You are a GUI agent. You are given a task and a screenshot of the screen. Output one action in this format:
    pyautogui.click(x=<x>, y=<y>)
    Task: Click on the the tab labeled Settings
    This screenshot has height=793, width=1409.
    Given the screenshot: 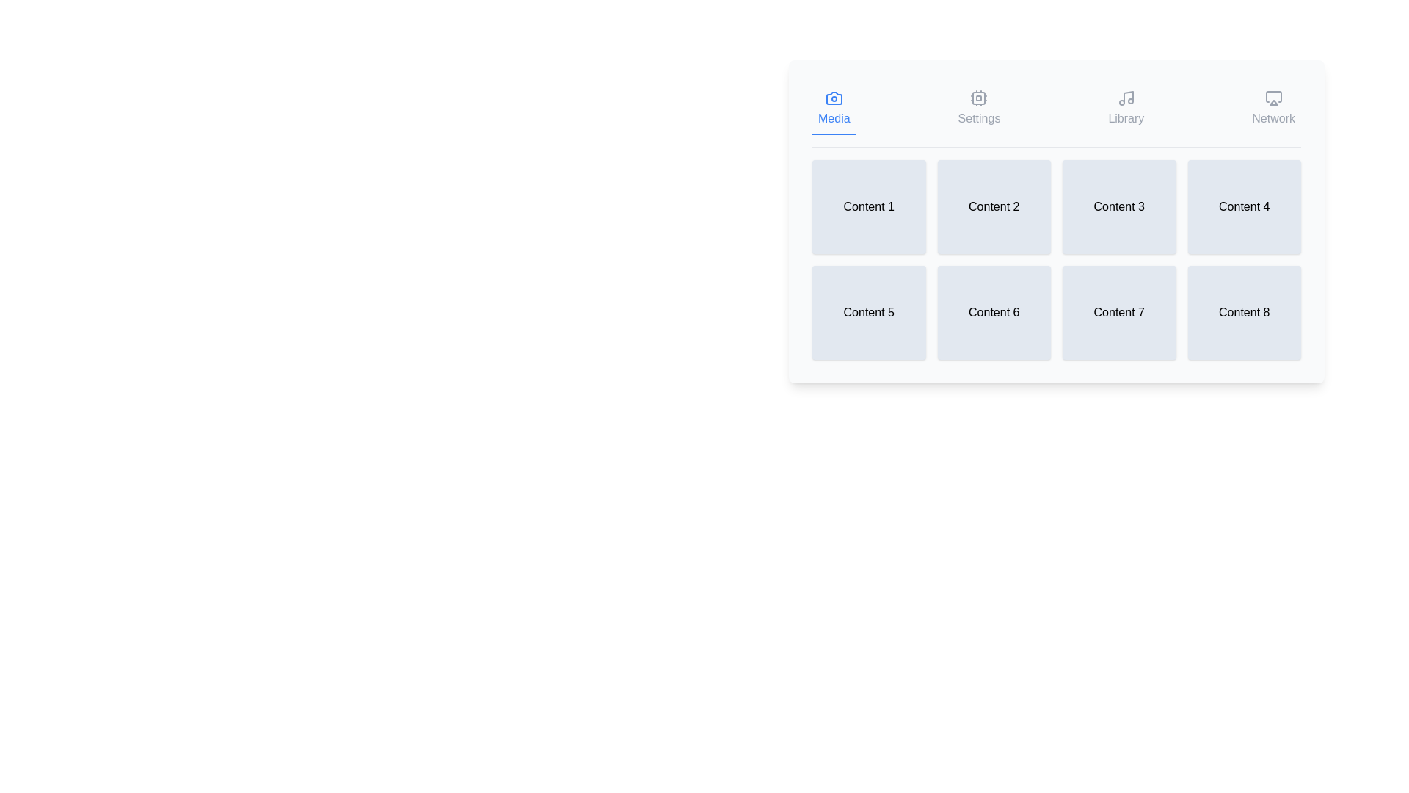 What is the action you would take?
    pyautogui.click(x=979, y=109)
    